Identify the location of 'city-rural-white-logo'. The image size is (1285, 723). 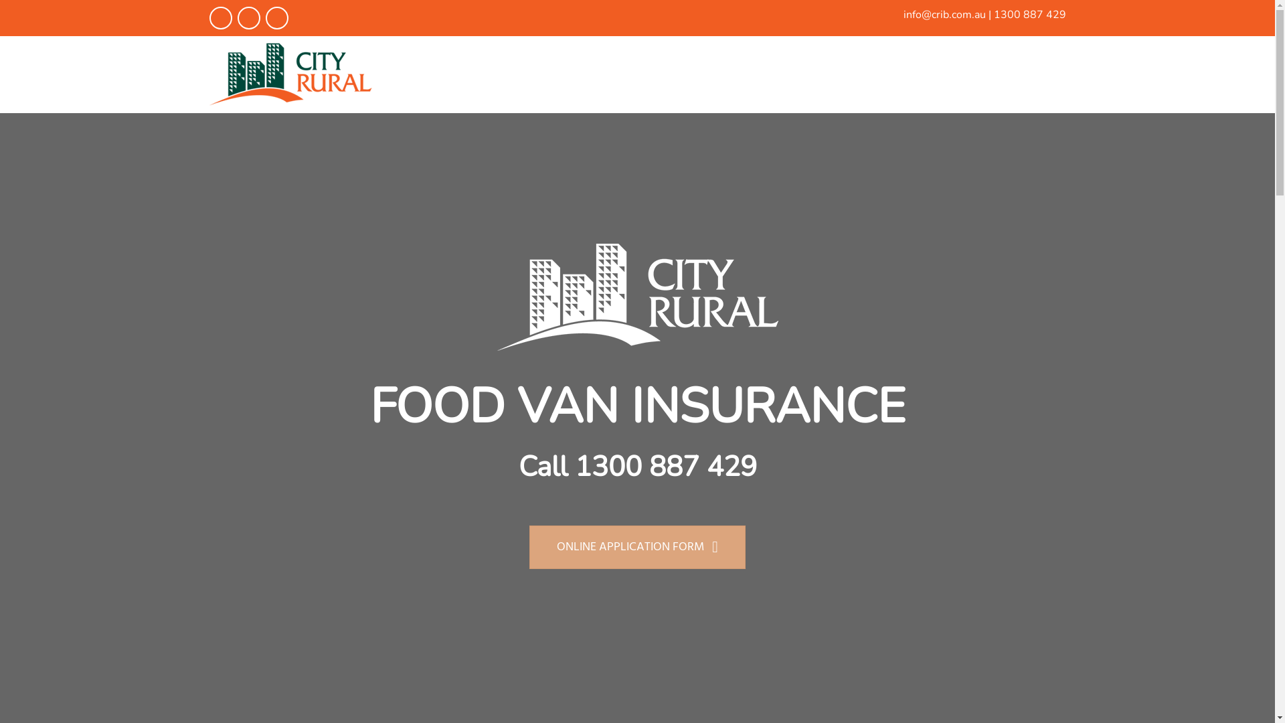
(636, 296).